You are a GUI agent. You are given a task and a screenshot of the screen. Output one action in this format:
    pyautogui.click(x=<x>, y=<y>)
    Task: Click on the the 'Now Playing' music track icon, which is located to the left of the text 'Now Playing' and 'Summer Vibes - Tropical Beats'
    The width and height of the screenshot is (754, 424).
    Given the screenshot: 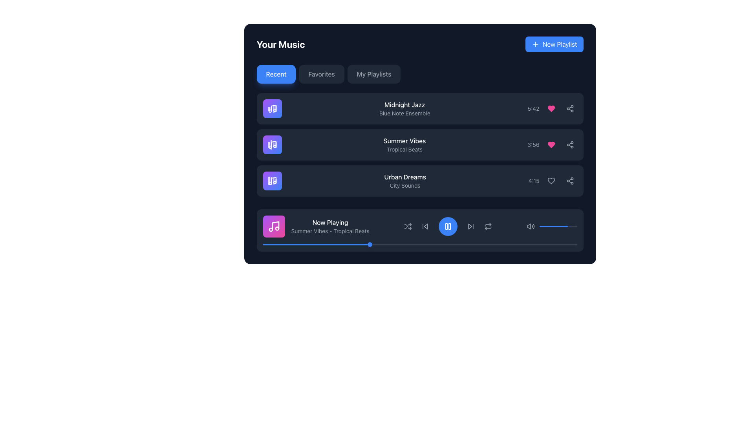 What is the action you would take?
    pyautogui.click(x=274, y=227)
    